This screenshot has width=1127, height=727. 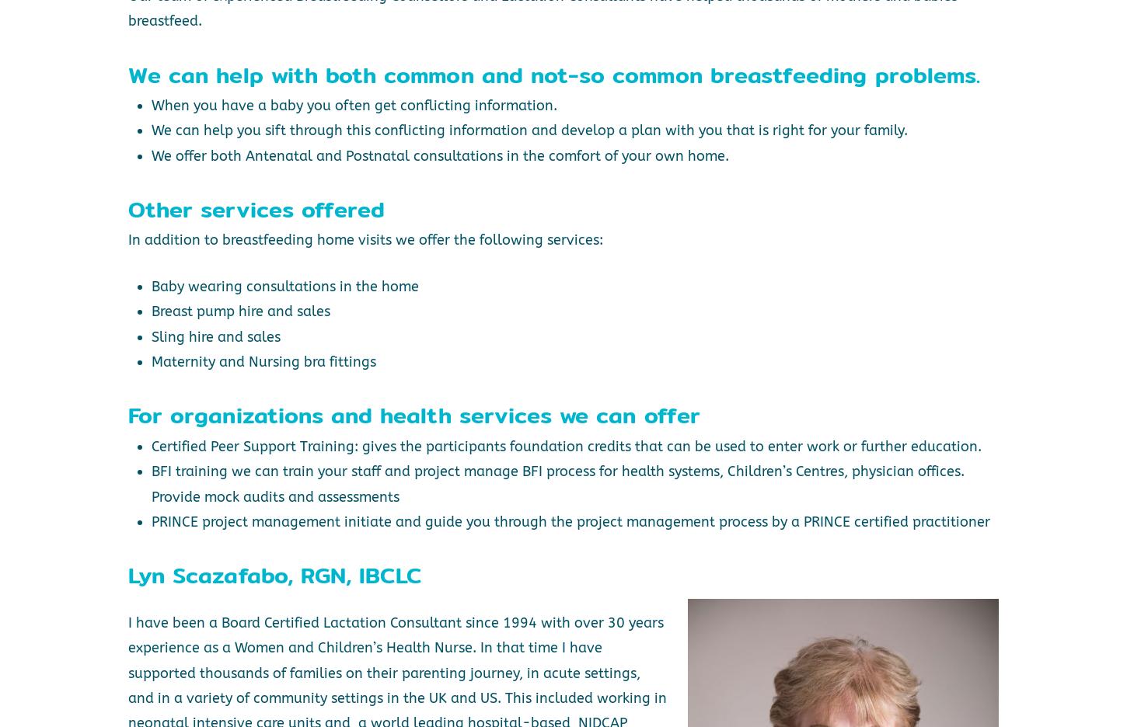 I want to click on 'Breast pump hire and sales', so click(x=239, y=310).